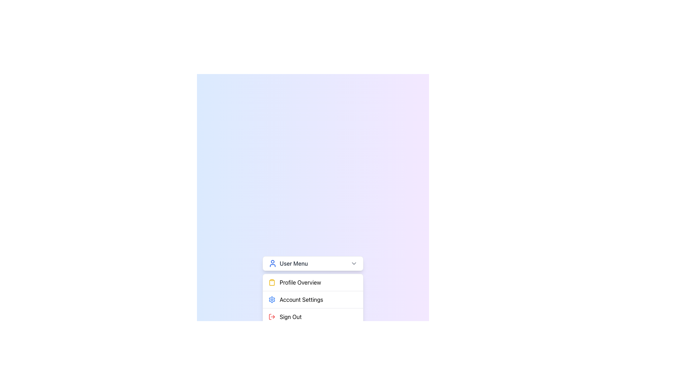 Image resolution: width=673 pixels, height=379 pixels. What do you see at coordinates (272, 282) in the screenshot?
I see `the 'Profile Overview' icon located in the first entry of the dropdown menu, which provides visual reinforcement for the option` at bounding box center [272, 282].